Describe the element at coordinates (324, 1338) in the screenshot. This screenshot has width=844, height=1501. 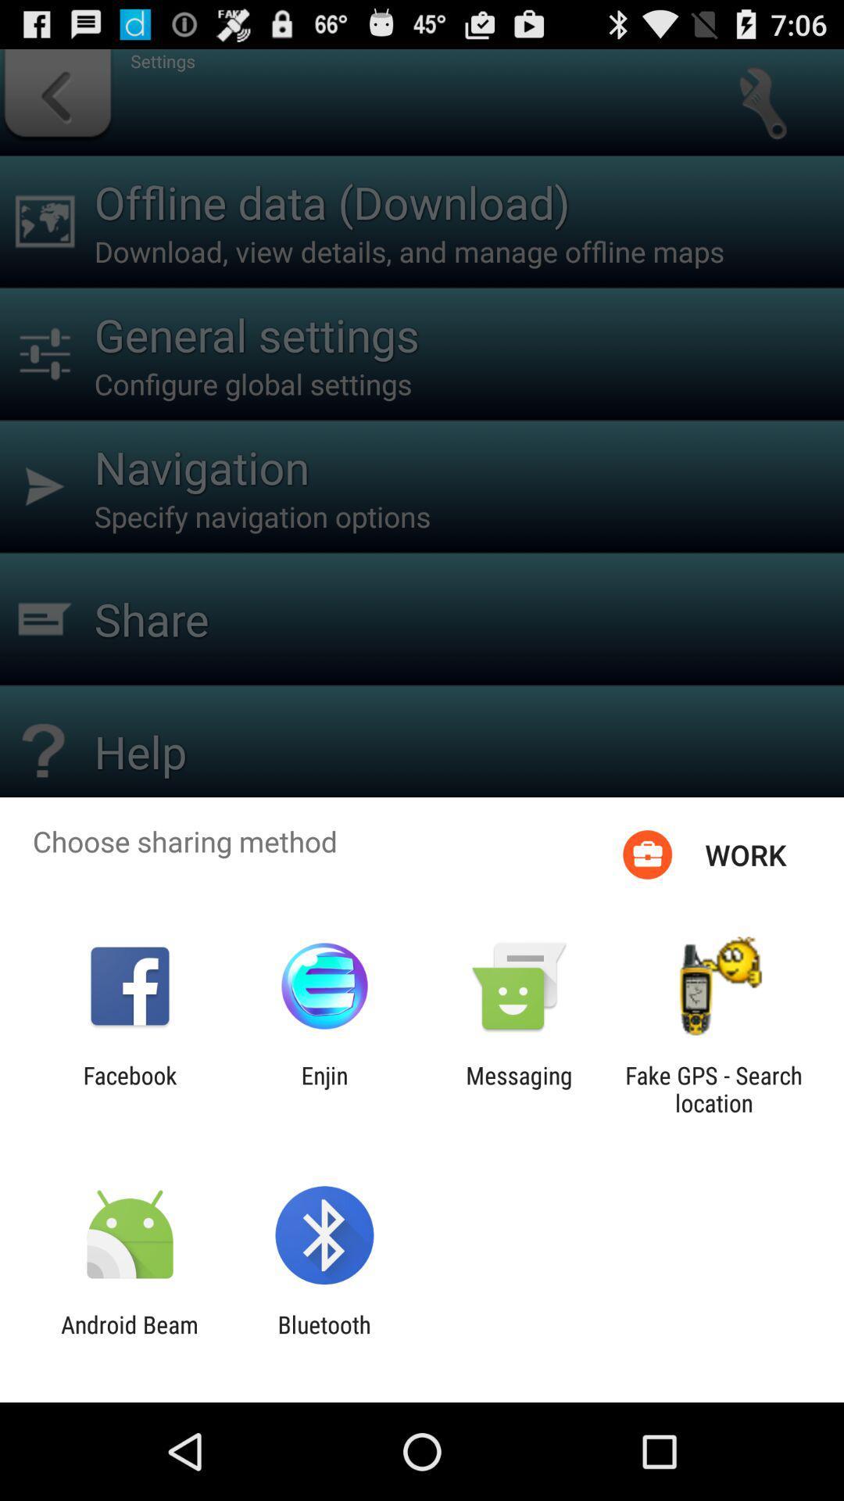
I see `the app to the right of the android beam app` at that location.